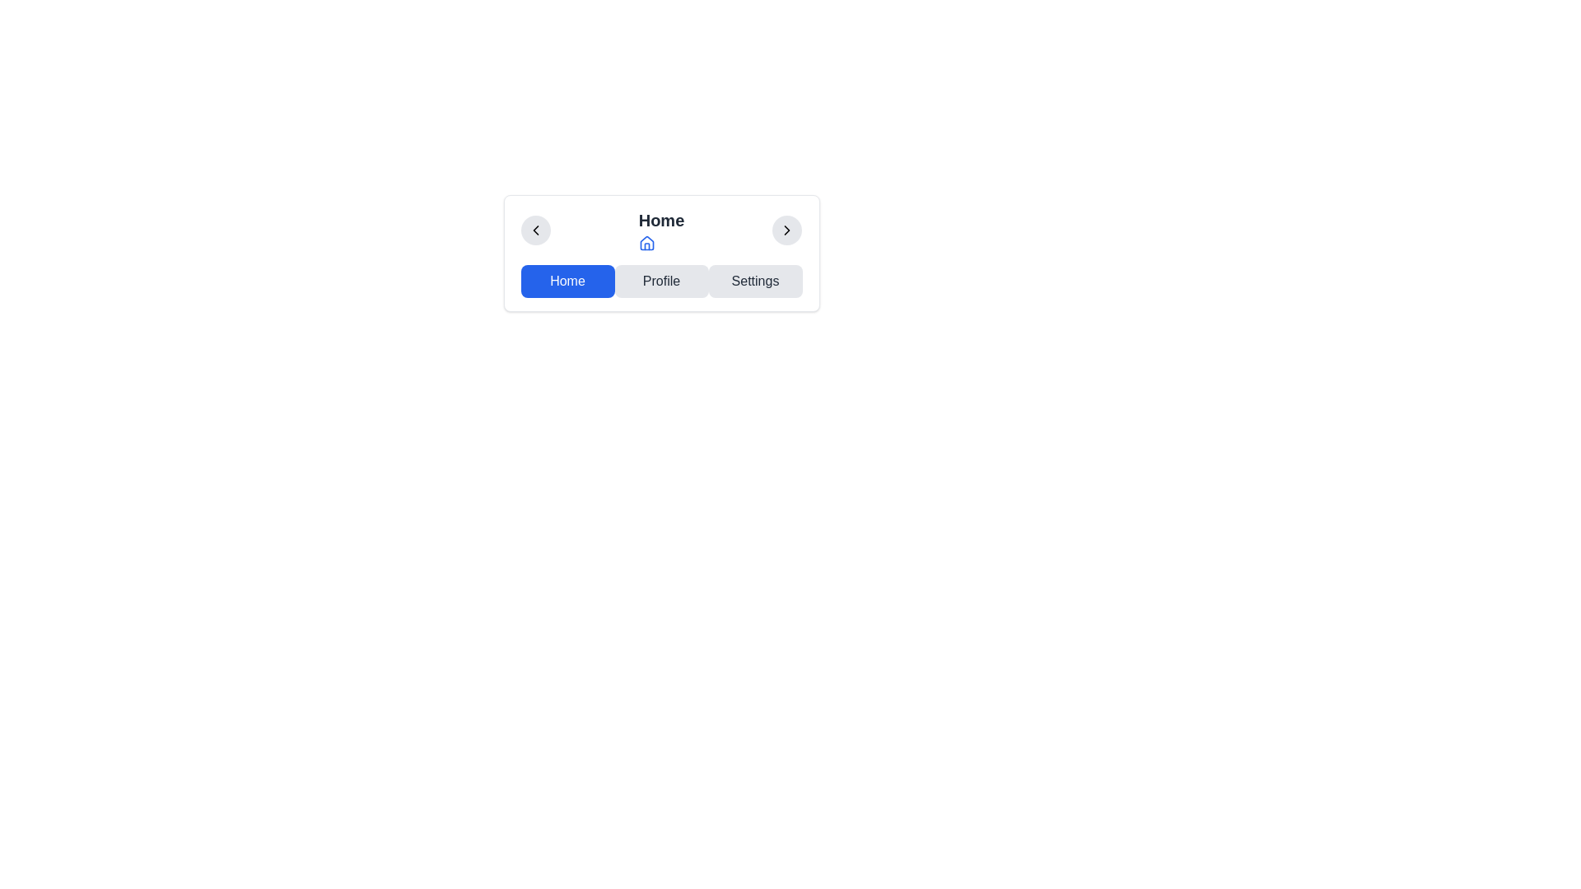 Image resolution: width=1581 pixels, height=889 pixels. What do you see at coordinates (604, 230) in the screenshot?
I see `slider` at bounding box center [604, 230].